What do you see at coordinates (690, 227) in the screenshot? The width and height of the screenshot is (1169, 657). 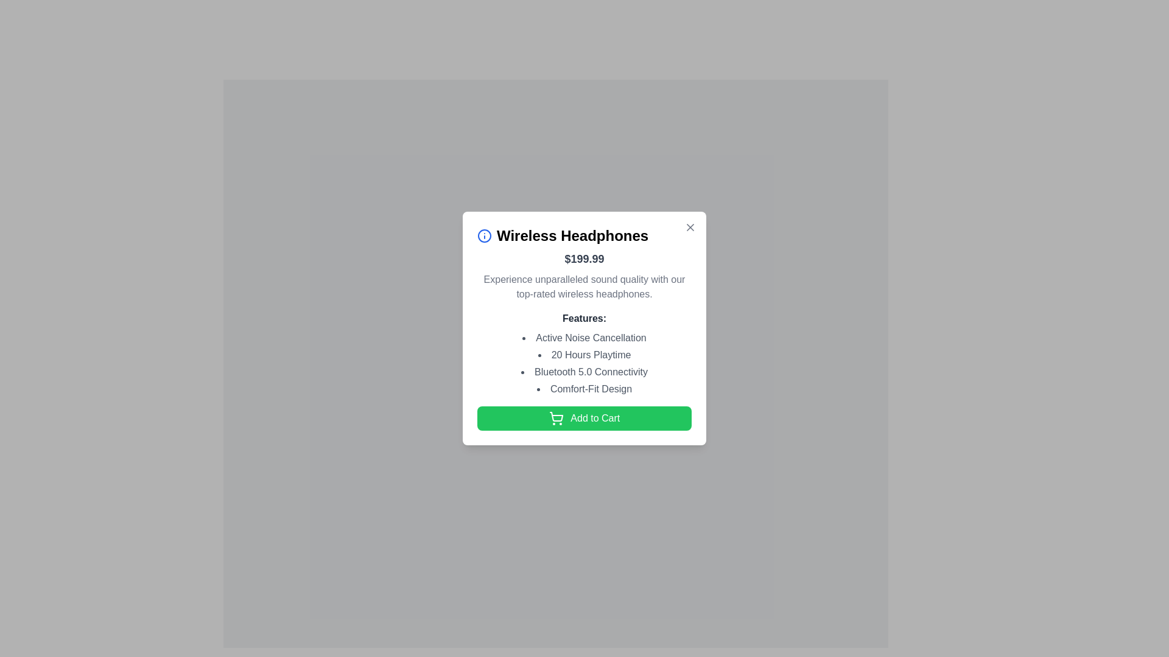 I see `the close button located in the top-right corner of the card interface next to the title 'Wireless Headphones'` at bounding box center [690, 227].